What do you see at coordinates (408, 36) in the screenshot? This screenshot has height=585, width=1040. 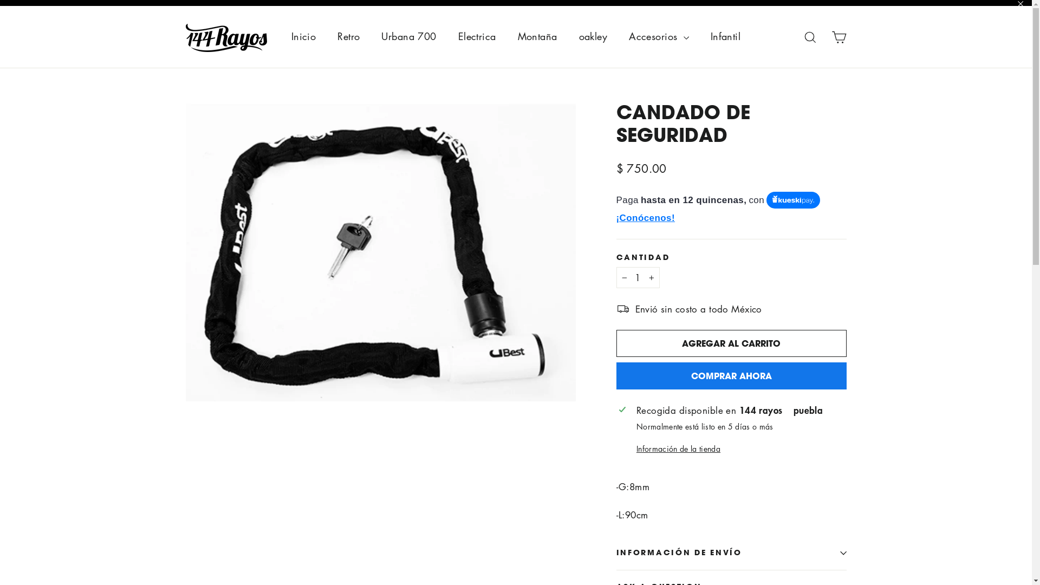 I see `'Urbana 700'` at bounding box center [408, 36].